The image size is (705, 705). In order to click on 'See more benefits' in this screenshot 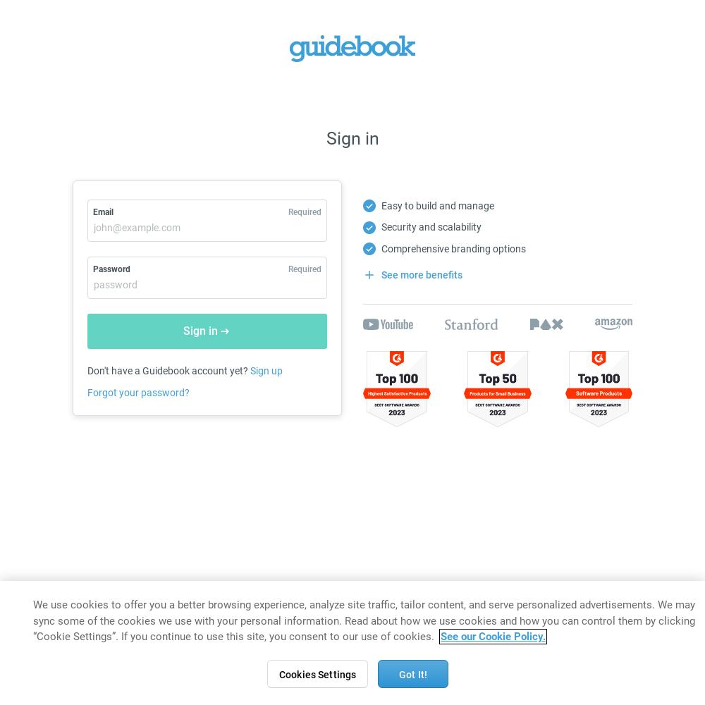, I will do `click(420, 274)`.